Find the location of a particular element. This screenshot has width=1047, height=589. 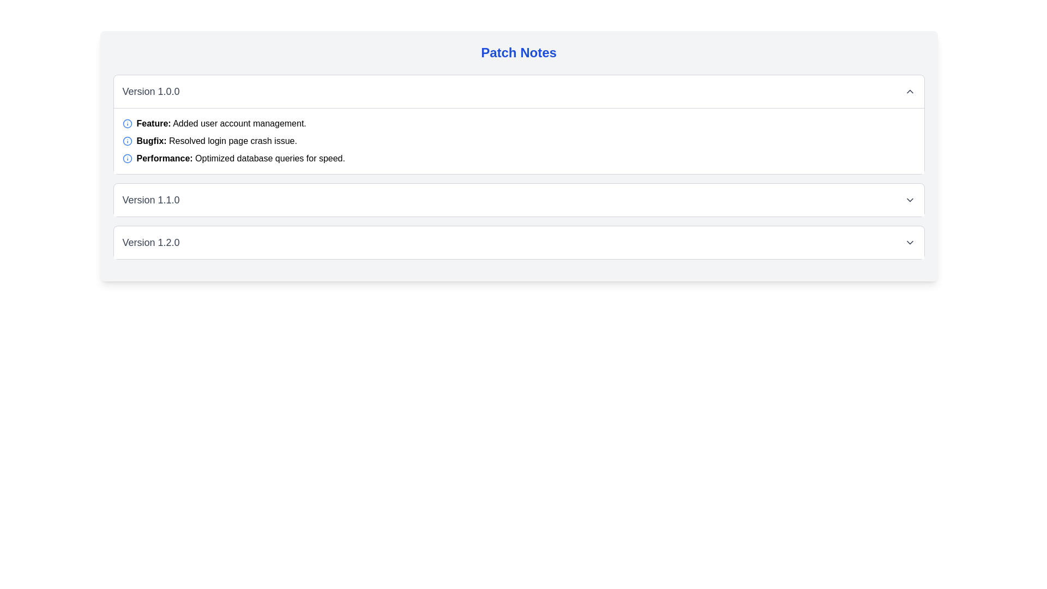

text label that describes the specific bug fix implemented in version 1.0.0, located between 'Feature: Added user account management.' and 'Performance: Optimized database queries for speed.' is located at coordinates (216, 140).